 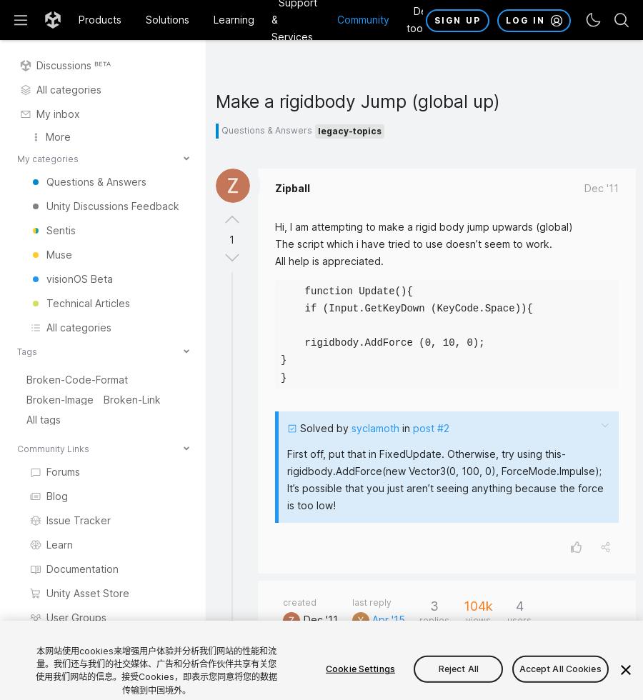 What do you see at coordinates (275, 244) in the screenshot?
I see `'The script which i have tried to use doesn’t seem to work.'` at bounding box center [275, 244].